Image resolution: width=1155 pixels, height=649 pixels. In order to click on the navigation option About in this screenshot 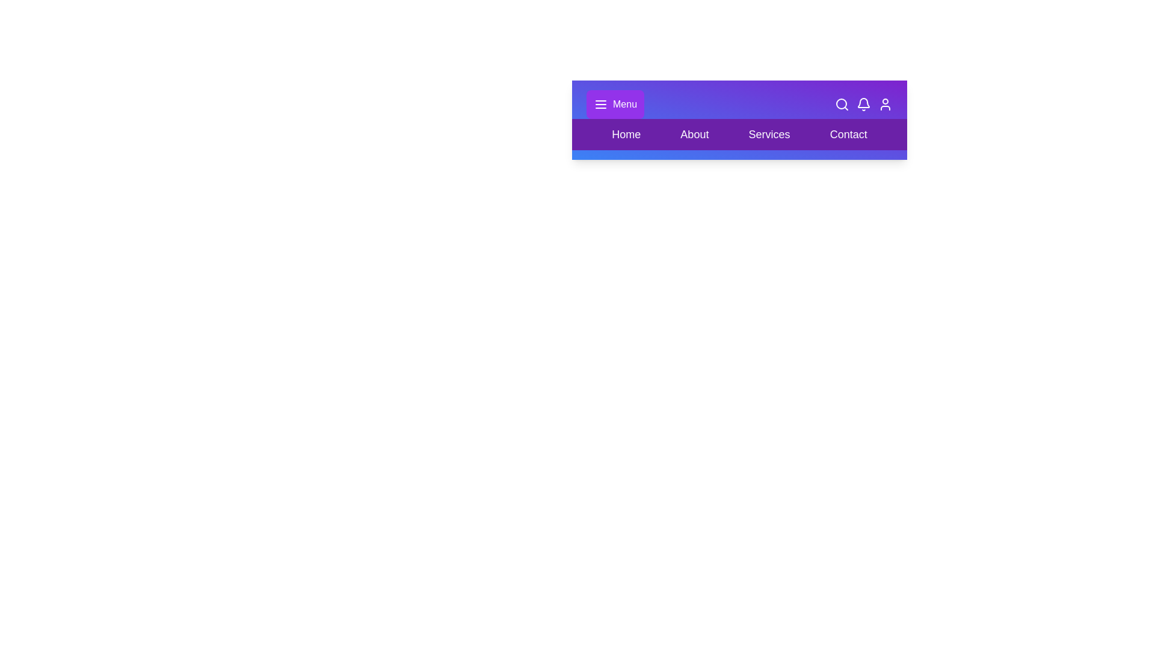, I will do `click(694, 134)`.